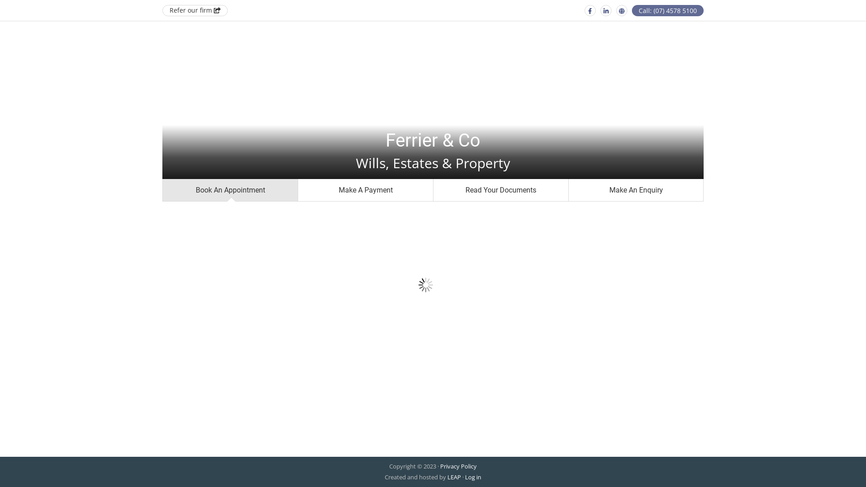 Image resolution: width=866 pixels, height=487 pixels. What do you see at coordinates (500, 189) in the screenshot?
I see `'Read Your Documents'` at bounding box center [500, 189].